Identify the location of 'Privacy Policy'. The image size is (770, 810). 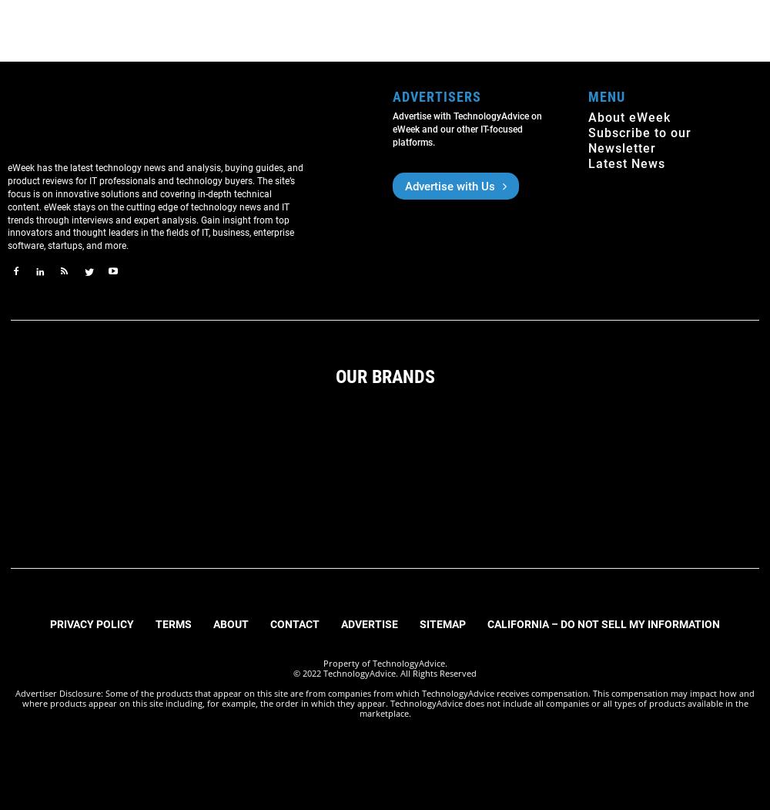
(91, 622).